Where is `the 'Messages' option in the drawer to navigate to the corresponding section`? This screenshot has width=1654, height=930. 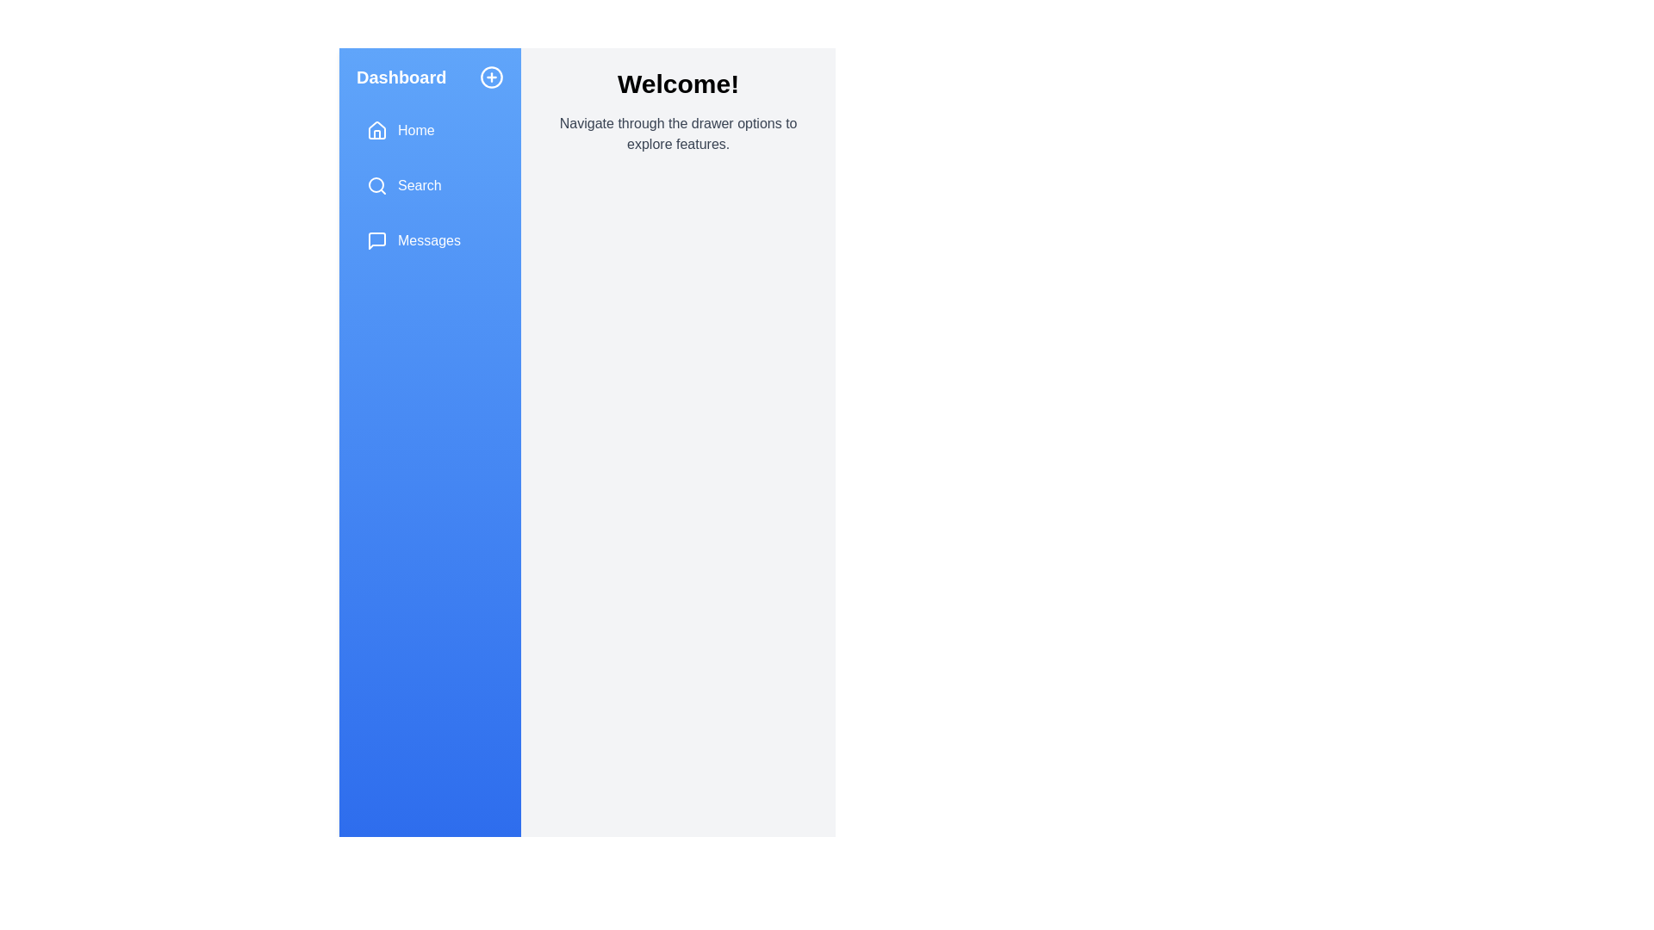 the 'Messages' option in the drawer to navigate to the corresponding section is located at coordinates (430, 241).